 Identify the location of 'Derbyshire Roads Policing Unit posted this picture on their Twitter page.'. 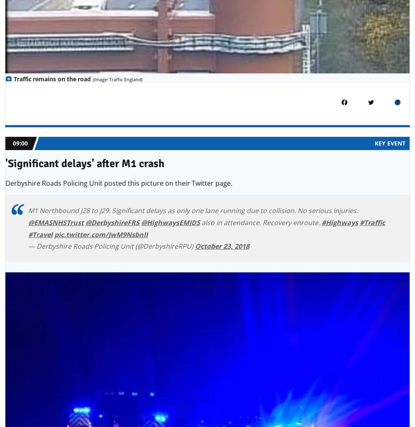
(119, 182).